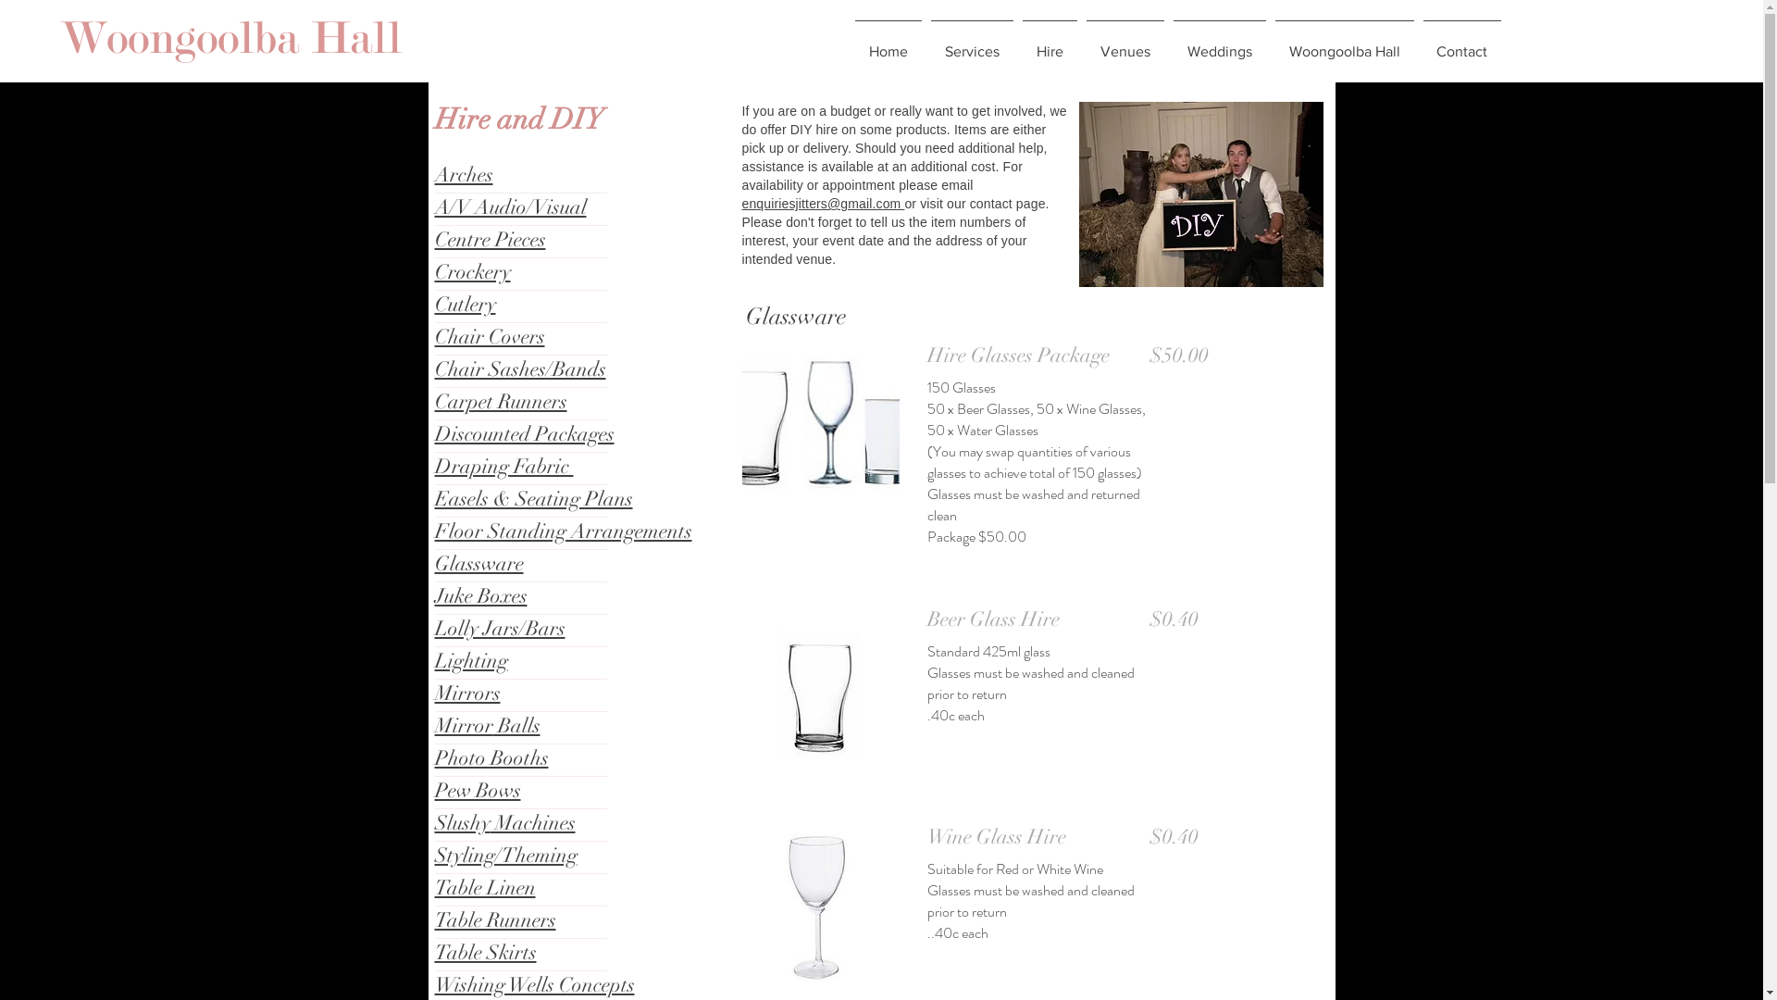 This screenshot has height=1000, width=1777. What do you see at coordinates (532, 497) in the screenshot?
I see `'Easels & Seating Plans'` at bounding box center [532, 497].